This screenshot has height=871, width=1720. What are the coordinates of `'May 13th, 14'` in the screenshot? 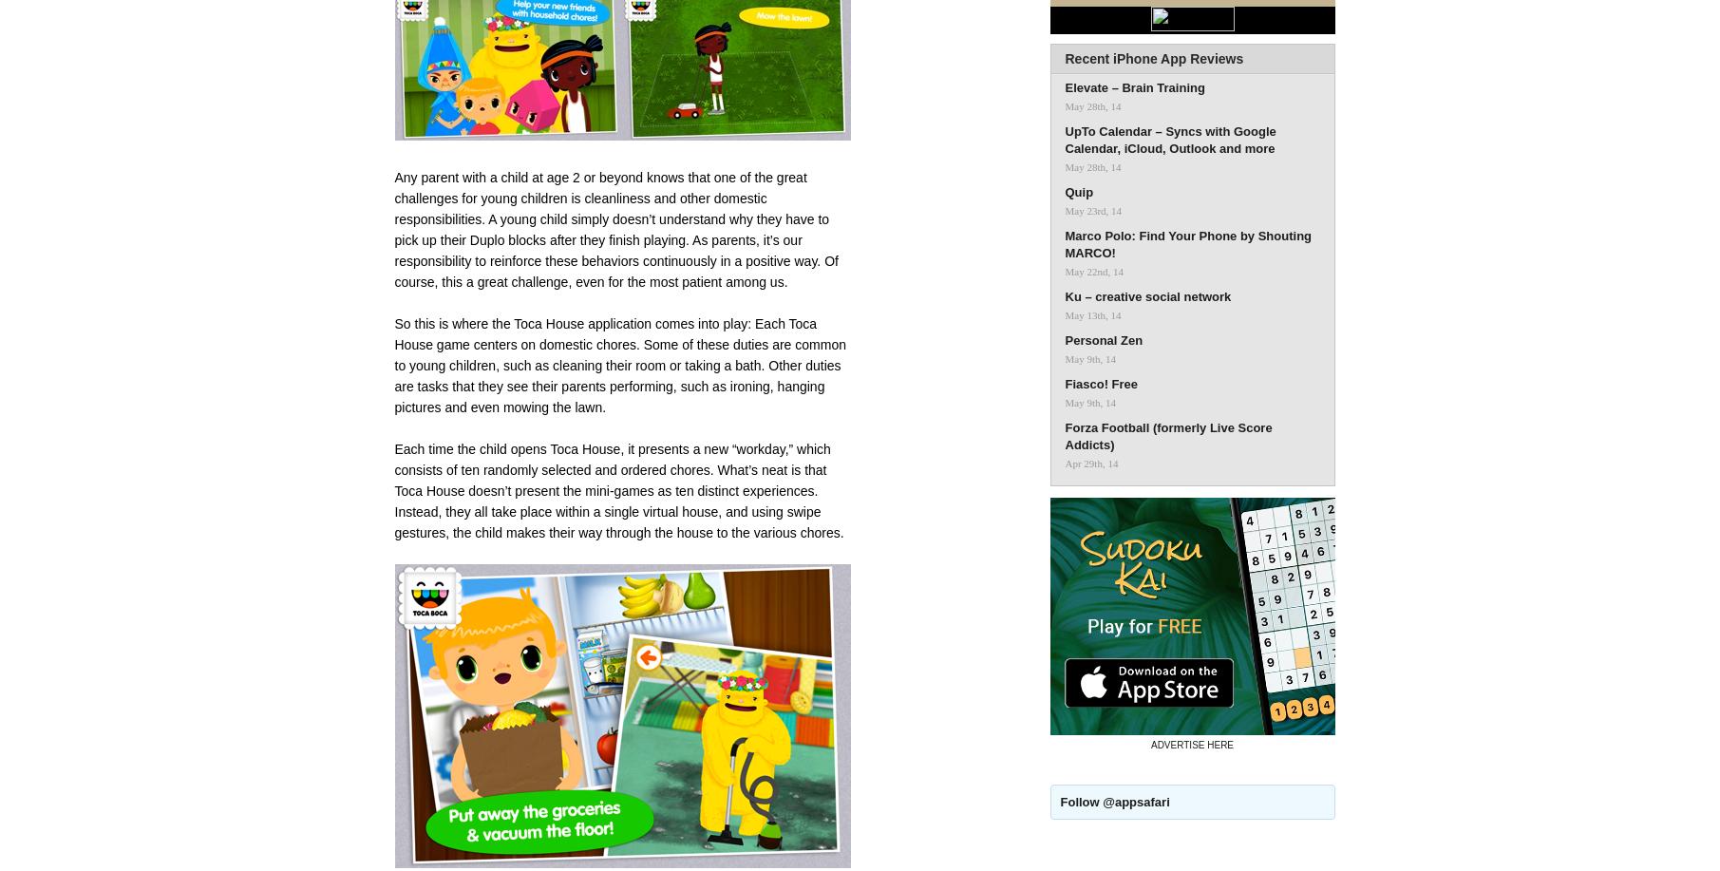 It's located at (1091, 314).